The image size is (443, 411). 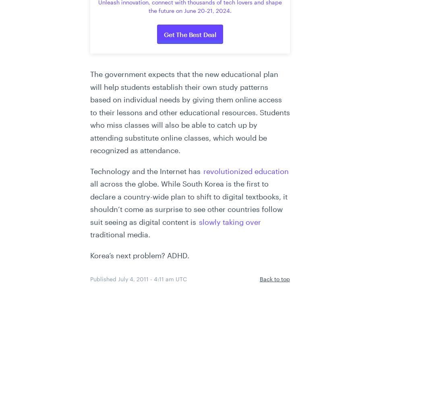 I want to click on 'Back to top', so click(x=275, y=278).